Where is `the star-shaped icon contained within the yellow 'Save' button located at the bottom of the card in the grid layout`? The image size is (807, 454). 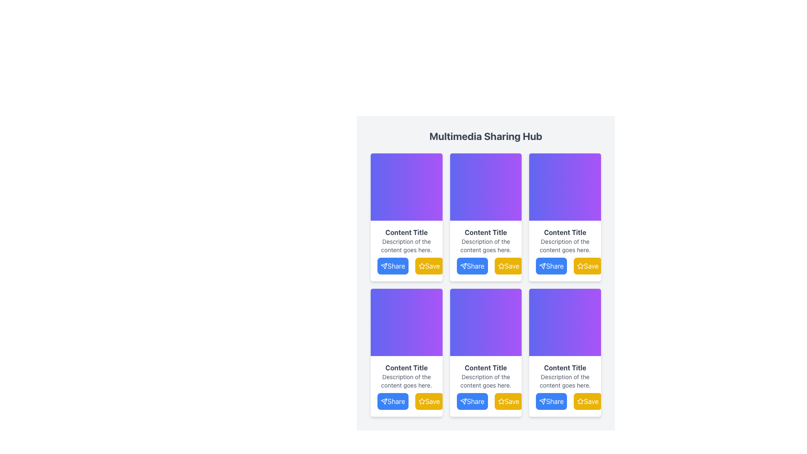 the star-shaped icon contained within the yellow 'Save' button located at the bottom of the card in the grid layout is located at coordinates (501, 401).